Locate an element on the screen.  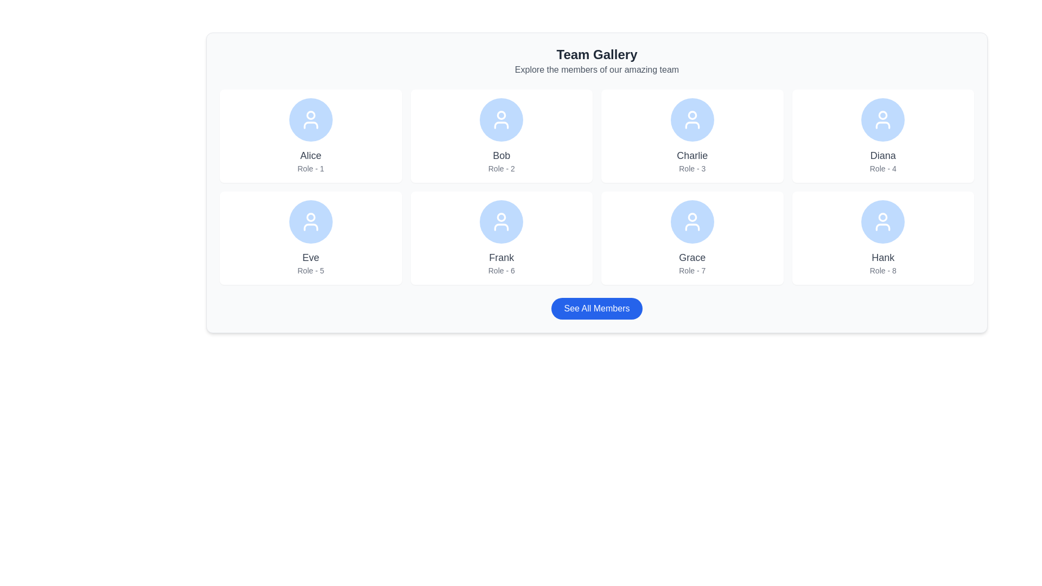
the white user icon with a rounded appearance, located in the top row of the grid layout is located at coordinates (501, 119).